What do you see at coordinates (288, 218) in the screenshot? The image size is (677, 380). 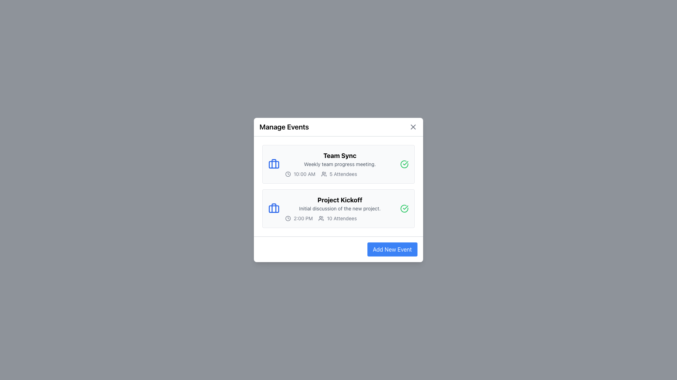 I see `the clock icon located to the left of the text '2:00 PM' in the 'Project Kickoff' layout` at bounding box center [288, 218].